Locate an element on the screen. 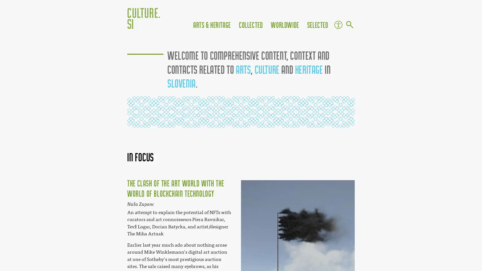 The height and width of the screenshot is (271, 482). Go to page is located at coordinates (349, 25).